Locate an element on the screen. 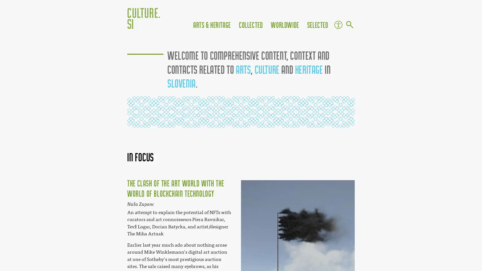 The height and width of the screenshot is (271, 482). Go to page is located at coordinates (349, 25).